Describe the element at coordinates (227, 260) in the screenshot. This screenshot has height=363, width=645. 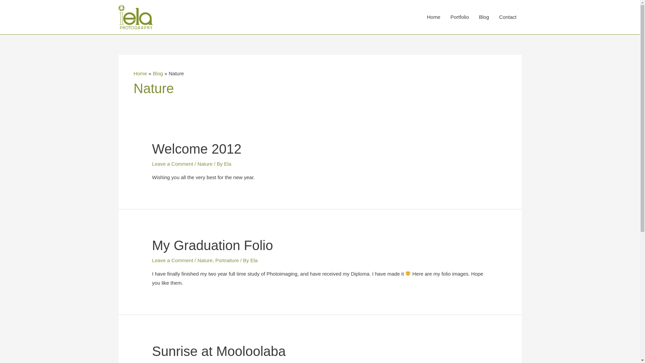
I see `'Portraiture'` at that location.